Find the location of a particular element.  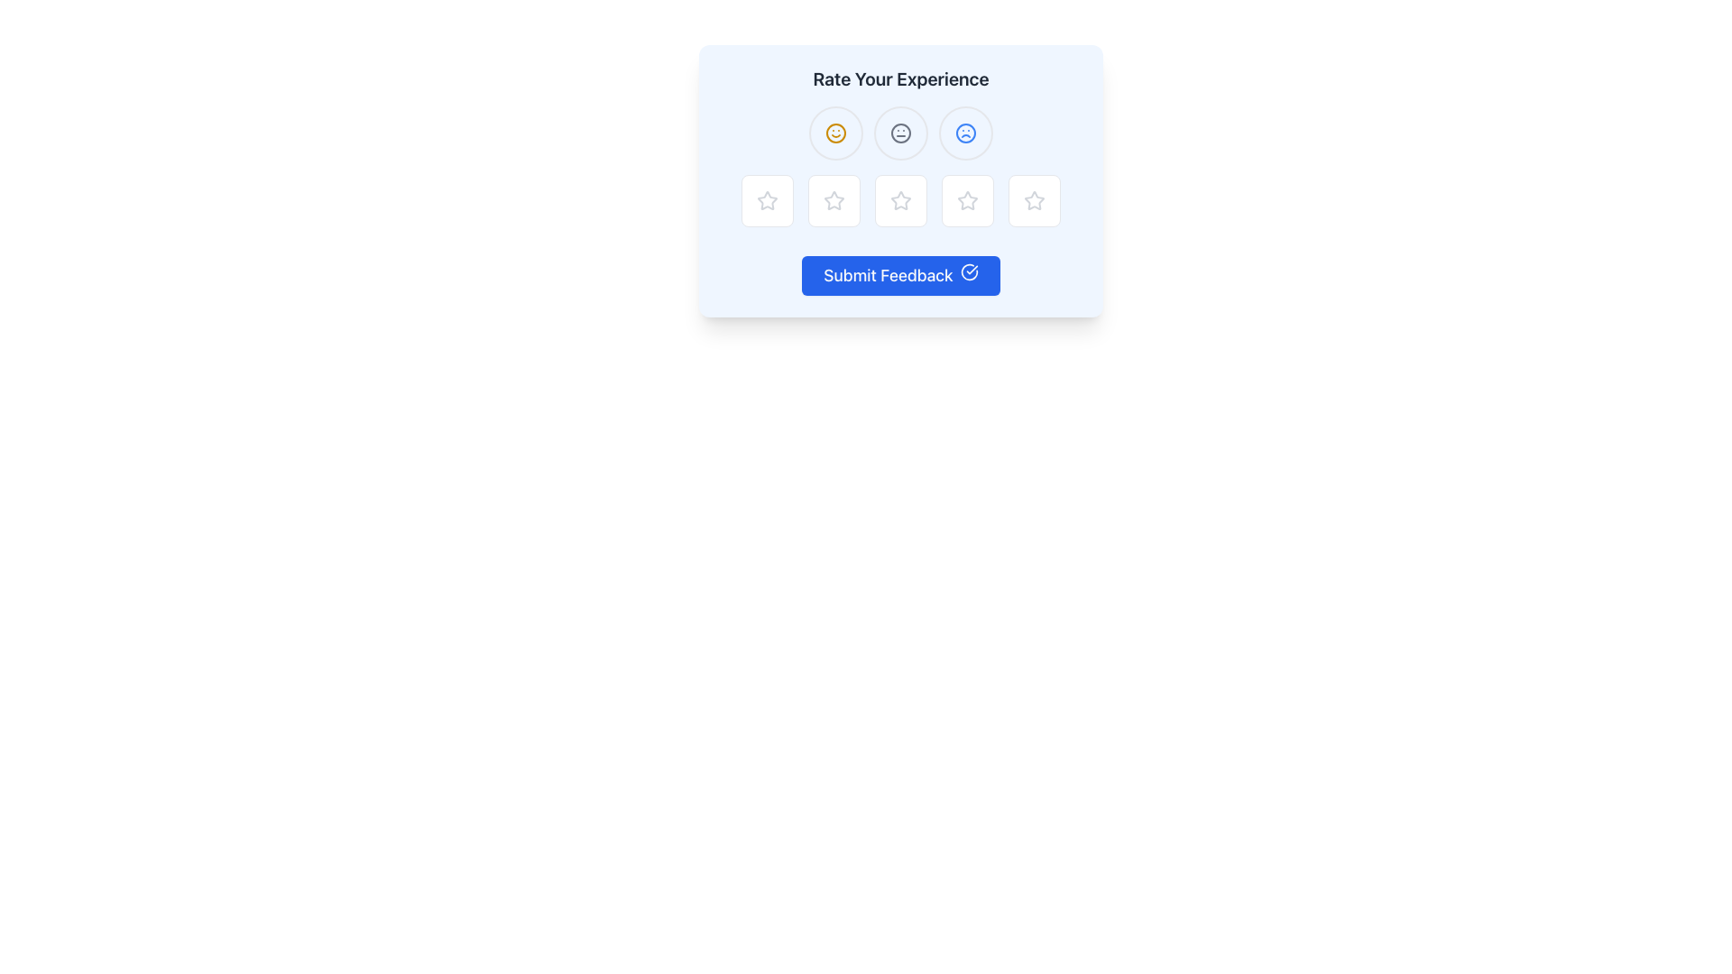

the neutral rating SVG icon, which is the second icon in a horizontal sequence of three icons in the user feedback section is located at coordinates (900, 132).